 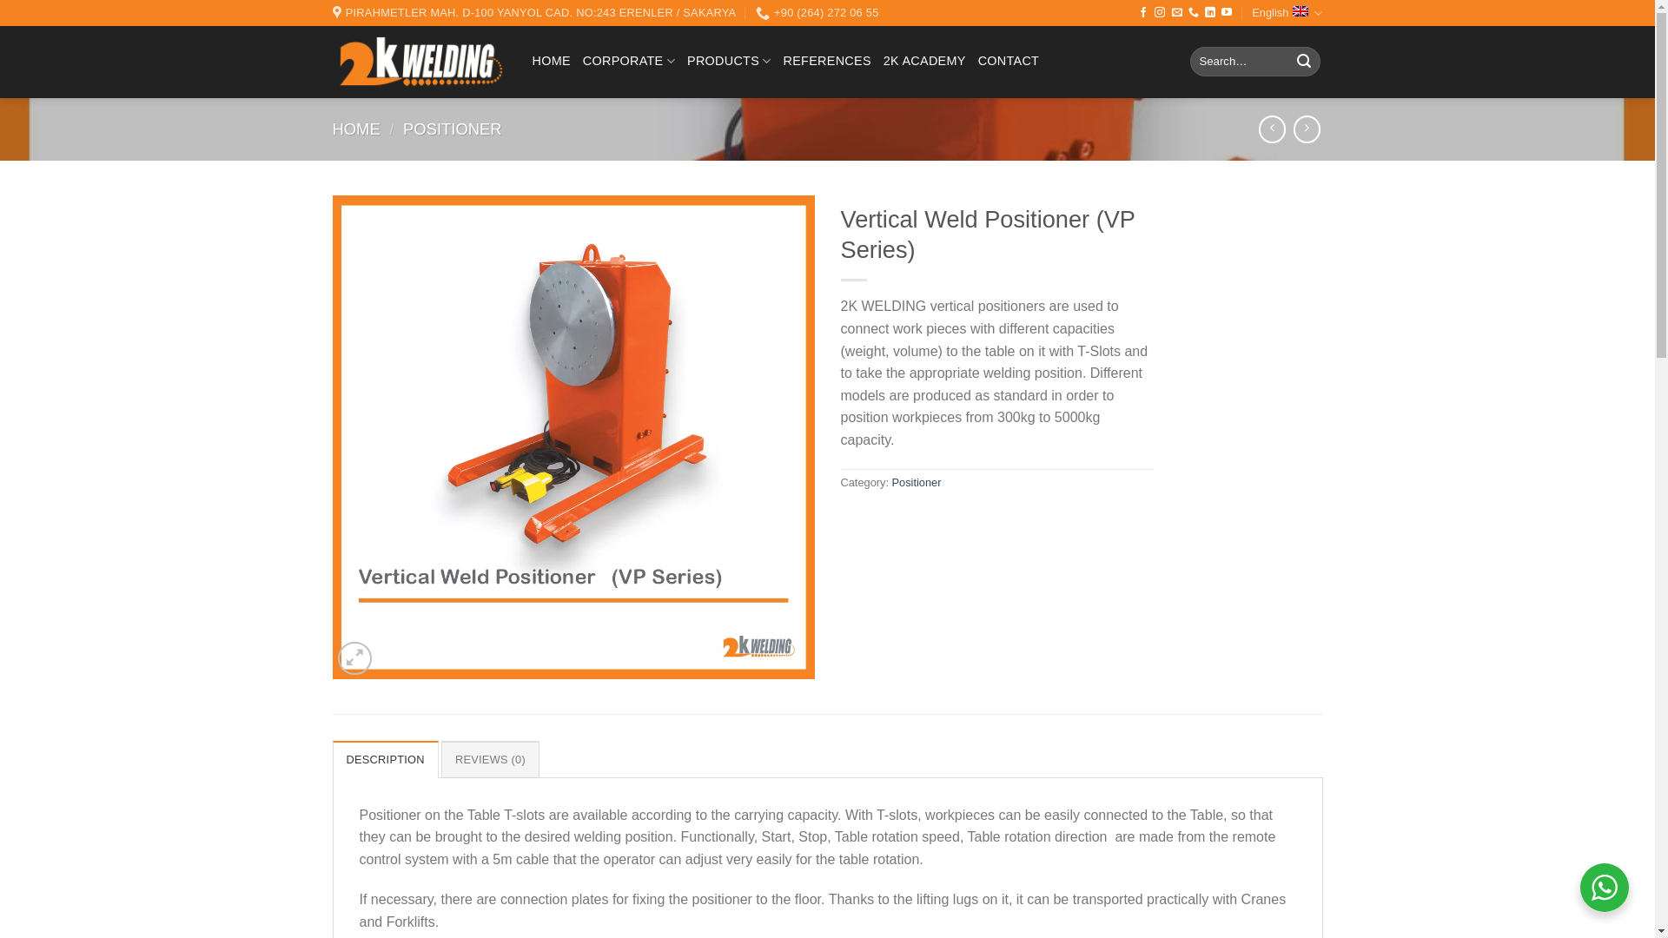 What do you see at coordinates (549, 60) in the screenshot?
I see `'HOME'` at bounding box center [549, 60].